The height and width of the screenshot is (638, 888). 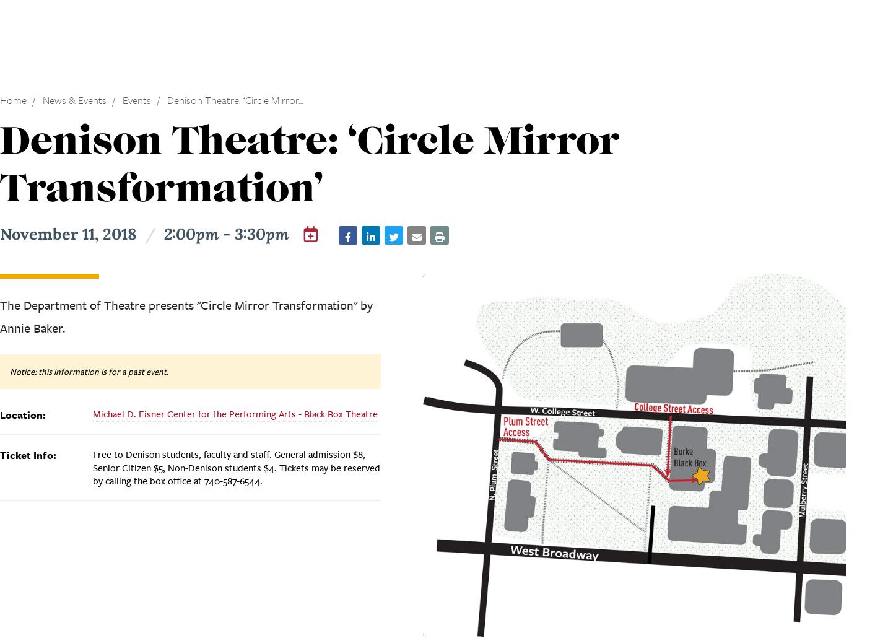 What do you see at coordinates (767, 584) in the screenshot?
I see `'Back to top'` at bounding box center [767, 584].